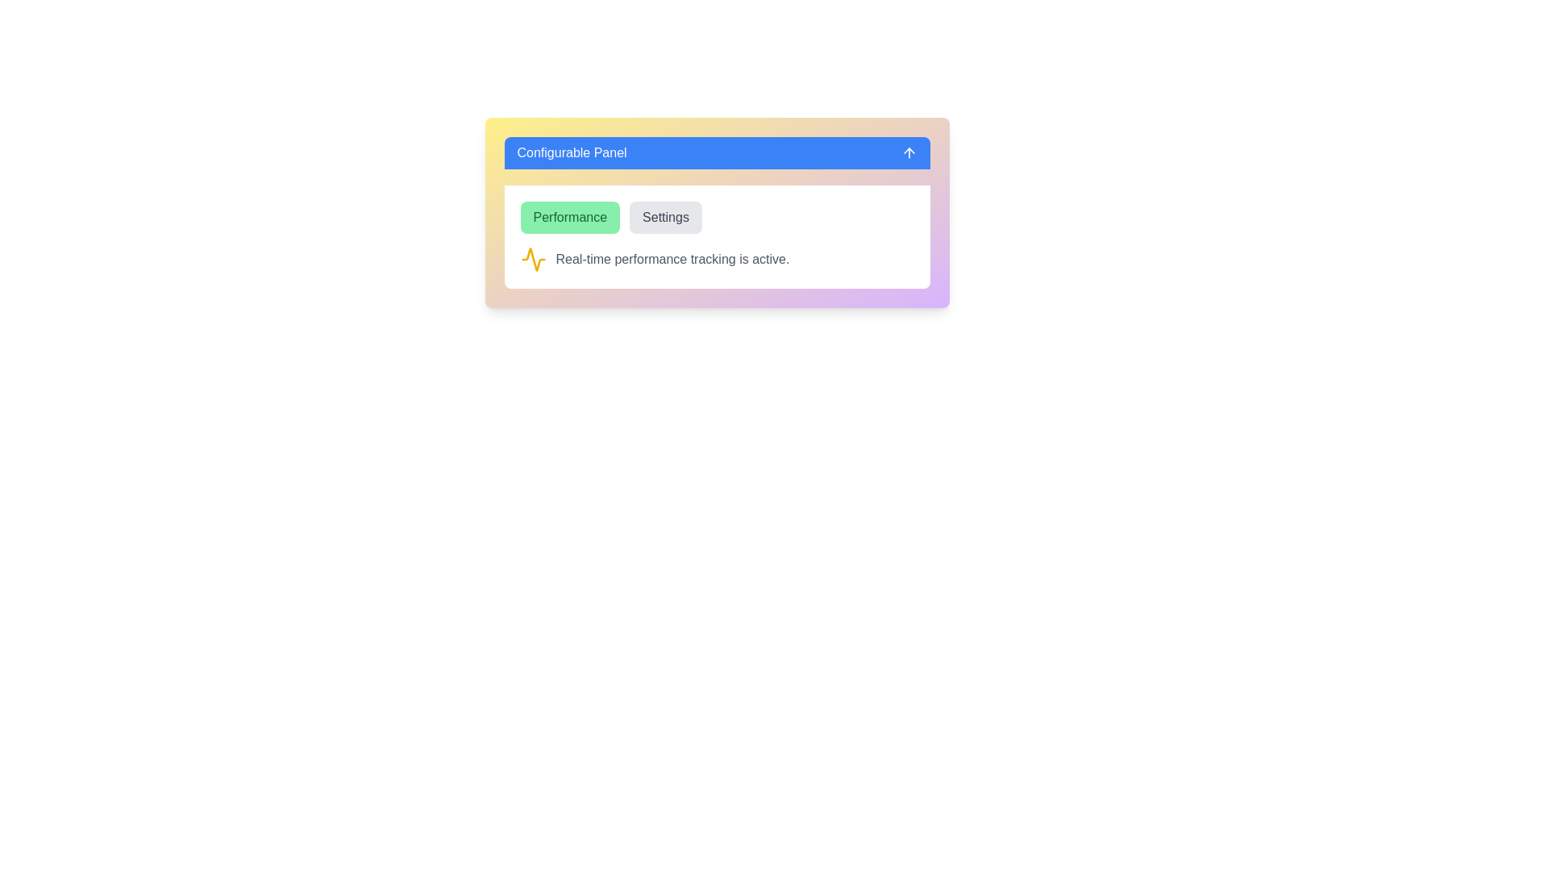 The image size is (1548, 871). I want to click on the static text label that indicates real-time performance tracking is currently enabled, located to the right of a yellow heartbeat line icon and centrally underneath the main title of the panel, so click(672, 258).